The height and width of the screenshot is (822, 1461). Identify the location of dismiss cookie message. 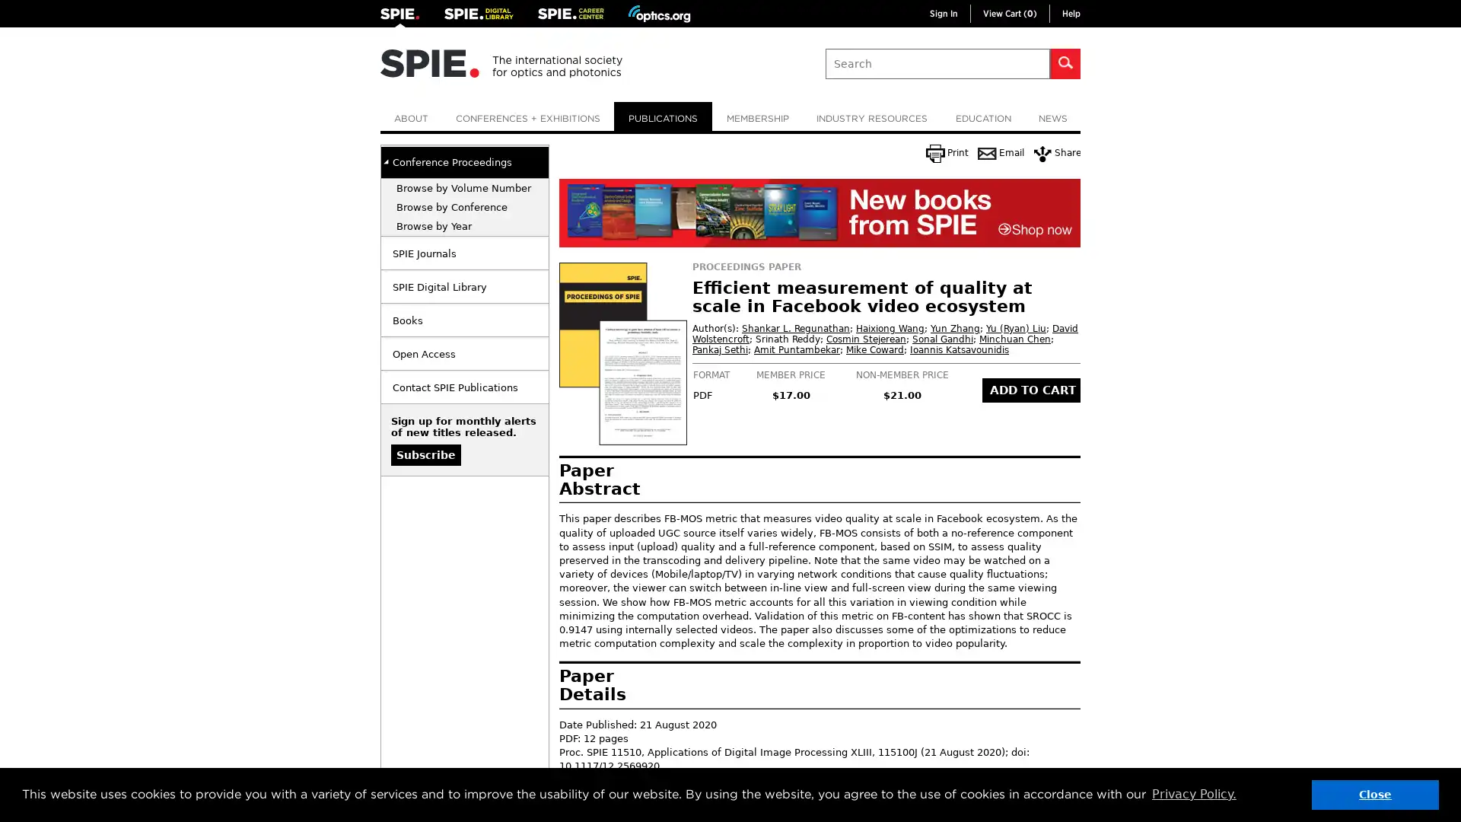
(1375, 794).